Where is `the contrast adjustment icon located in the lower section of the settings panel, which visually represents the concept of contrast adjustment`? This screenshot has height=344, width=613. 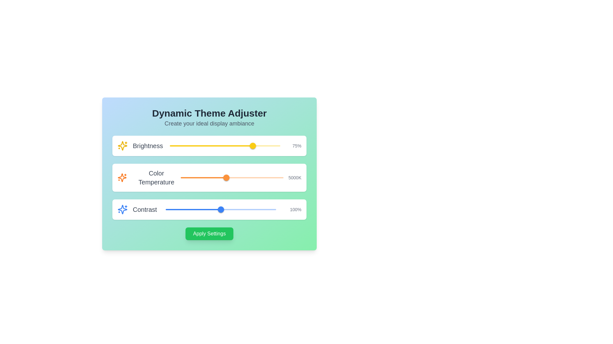
the contrast adjustment icon located in the lower section of the settings panel, which visually represents the concept of contrast adjustment is located at coordinates (123, 210).